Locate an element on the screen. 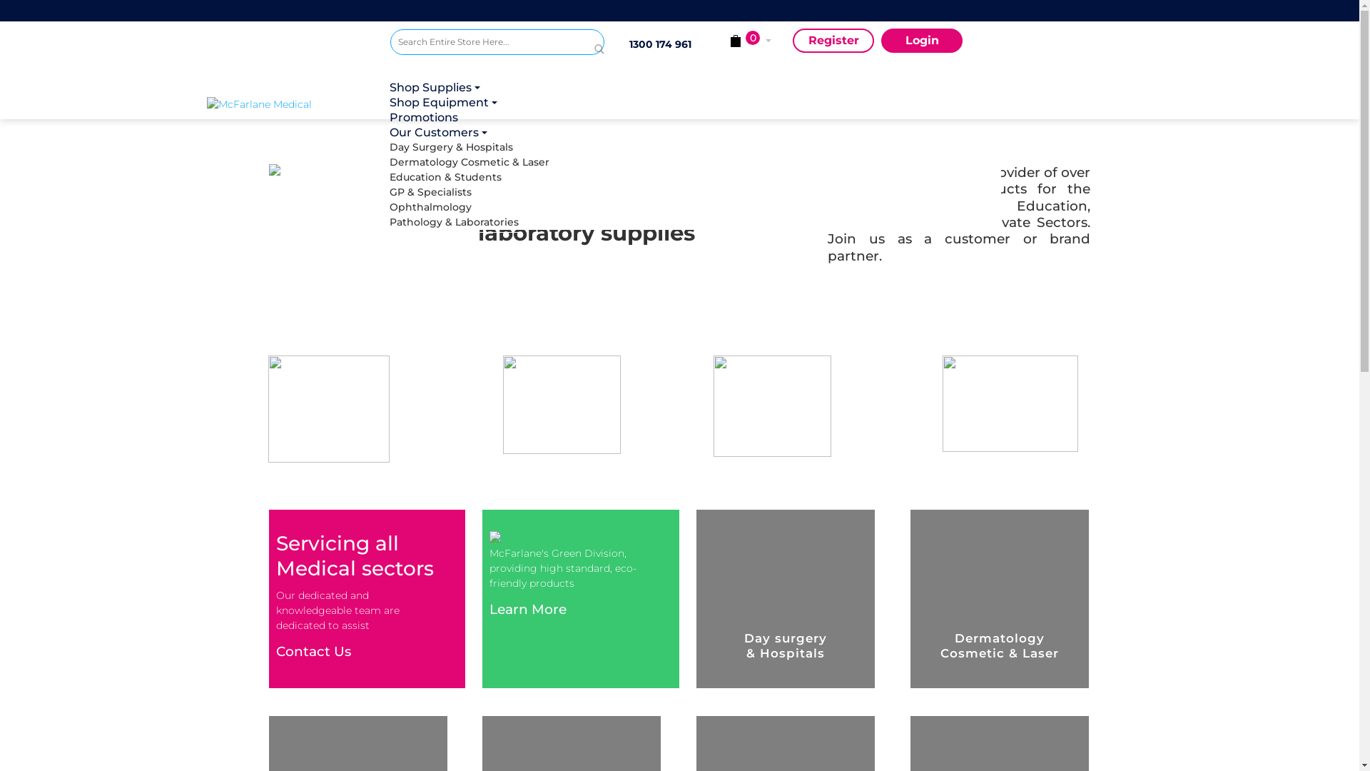 The image size is (1370, 771). 'Register' is located at coordinates (833, 40).